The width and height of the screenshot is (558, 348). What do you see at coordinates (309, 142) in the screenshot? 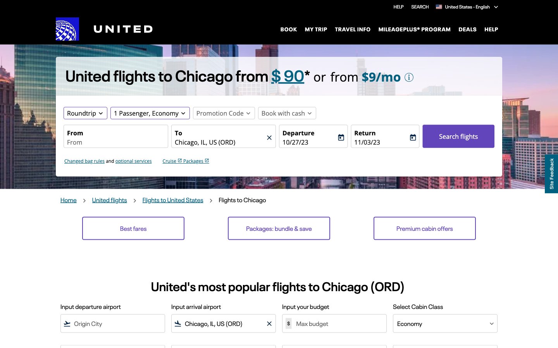
I see `the desired departure and return travel dates` at bounding box center [309, 142].